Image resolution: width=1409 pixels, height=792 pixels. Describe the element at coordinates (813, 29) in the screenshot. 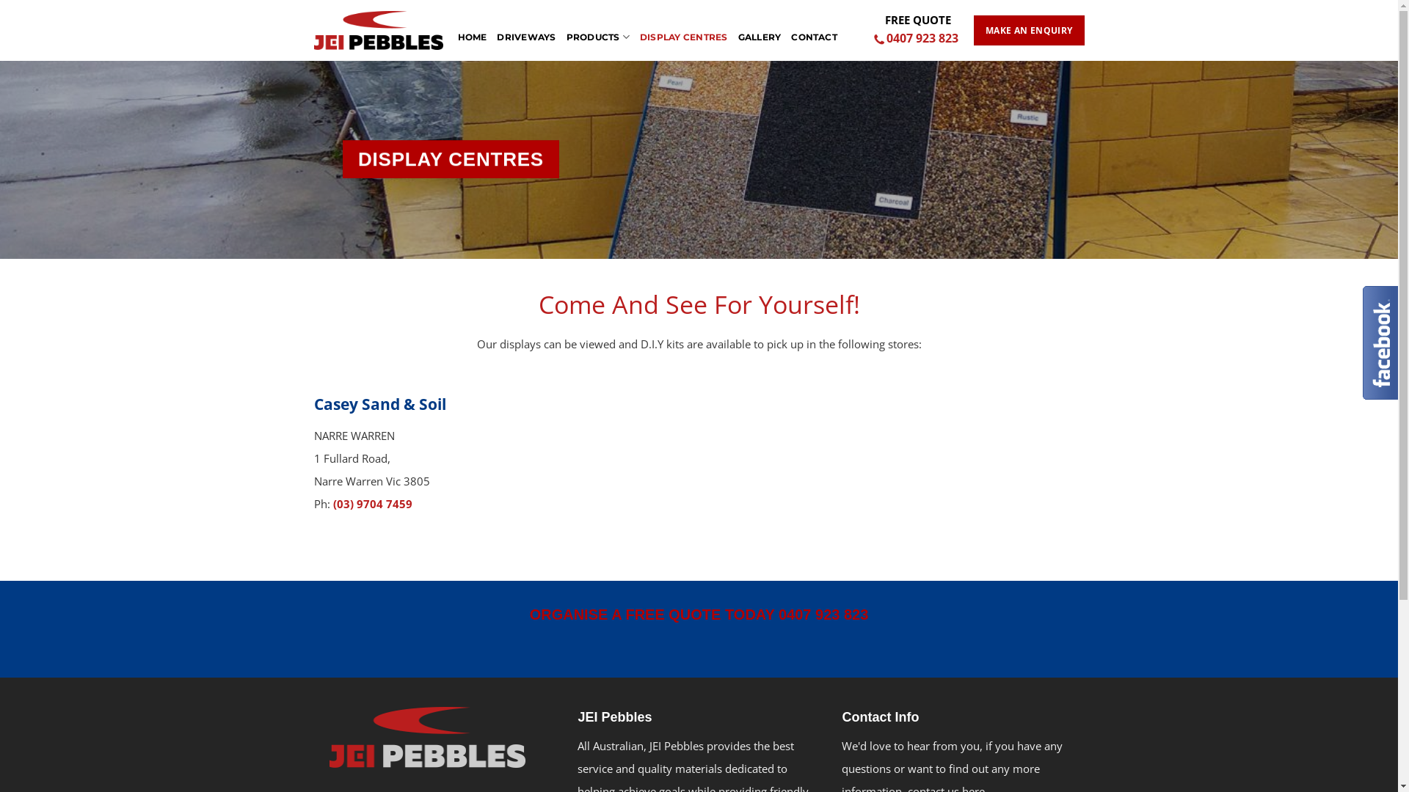

I see `'CONTACT'` at that location.